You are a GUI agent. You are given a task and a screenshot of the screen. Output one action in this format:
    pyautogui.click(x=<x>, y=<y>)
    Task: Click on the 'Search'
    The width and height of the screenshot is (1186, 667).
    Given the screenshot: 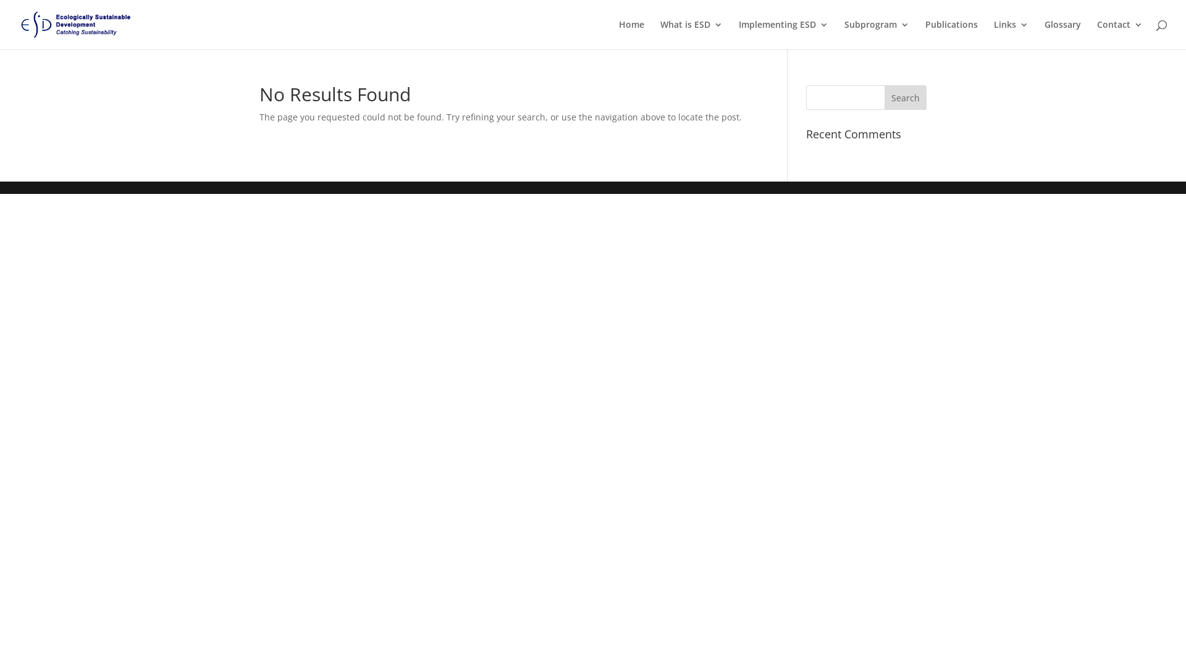 What is the action you would take?
    pyautogui.click(x=905, y=97)
    